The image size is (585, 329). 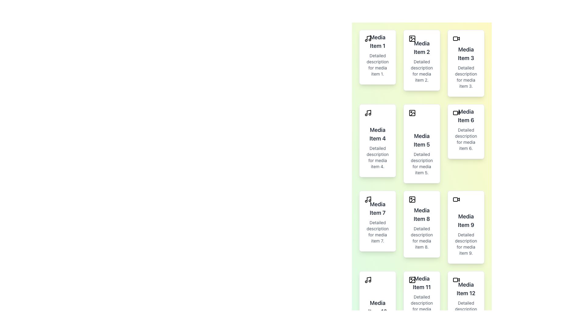 What do you see at coordinates (455, 39) in the screenshot?
I see `the icon representing 'Media Item 3' located centrally within its card in the top-right area of the grid layout` at bounding box center [455, 39].